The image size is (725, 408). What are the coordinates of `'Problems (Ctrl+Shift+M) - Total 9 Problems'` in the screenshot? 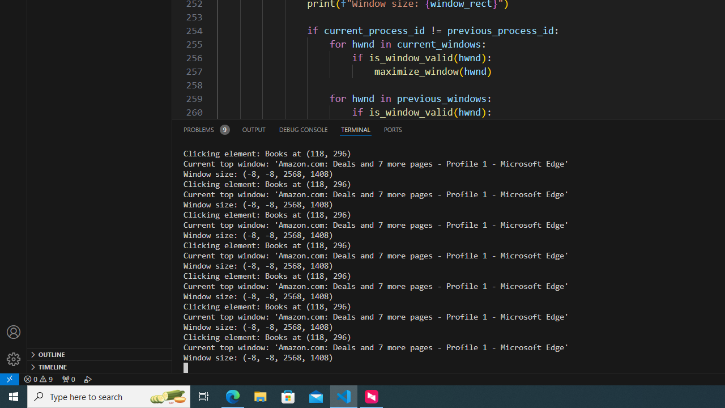 It's located at (206, 129).